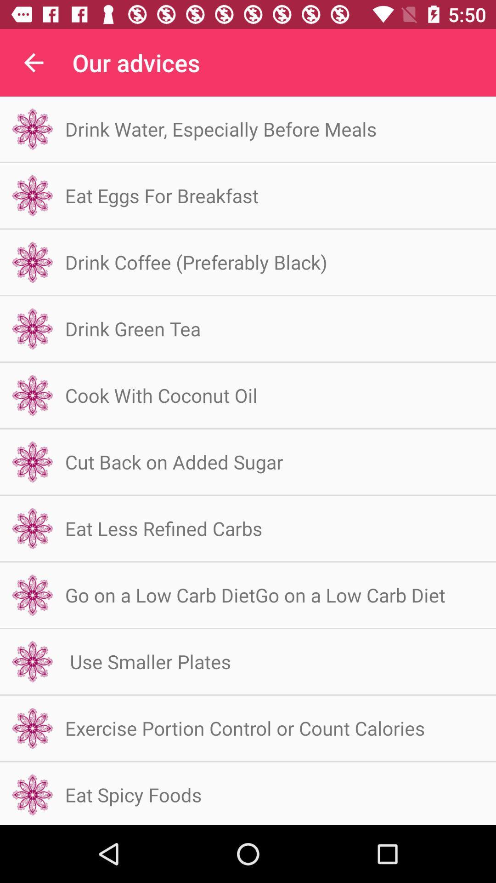 This screenshot has height=883, width=496. What do you see at coordinates (147, 661) in the screenshot?
I see `icon below go on a` at bounding box center [147, 661].